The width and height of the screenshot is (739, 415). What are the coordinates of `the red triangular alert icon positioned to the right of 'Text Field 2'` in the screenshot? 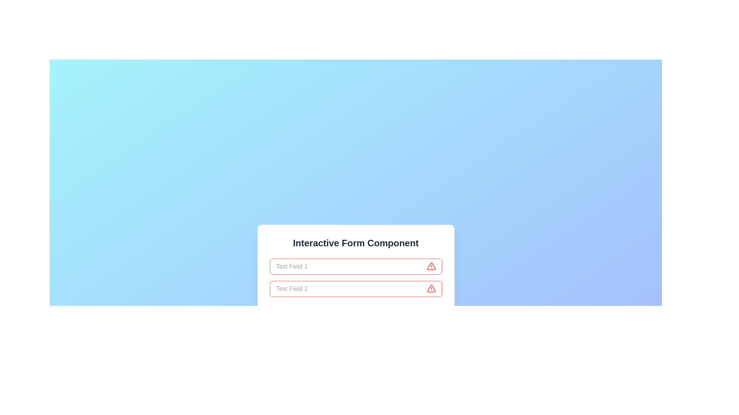 It's located at (431, 289).